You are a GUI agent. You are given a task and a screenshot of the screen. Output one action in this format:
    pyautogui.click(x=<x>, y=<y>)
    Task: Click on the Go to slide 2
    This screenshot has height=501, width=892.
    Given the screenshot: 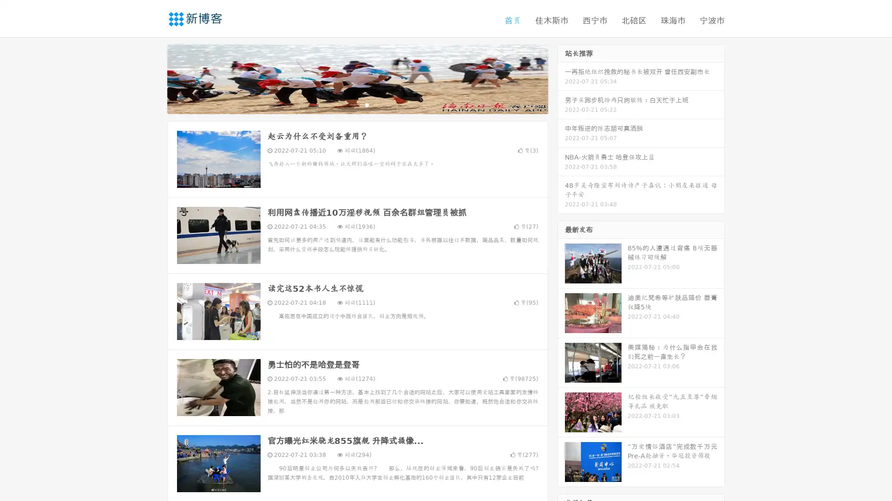 What is the action you would take?
    pyautogui.click(x=357, y=104)
    